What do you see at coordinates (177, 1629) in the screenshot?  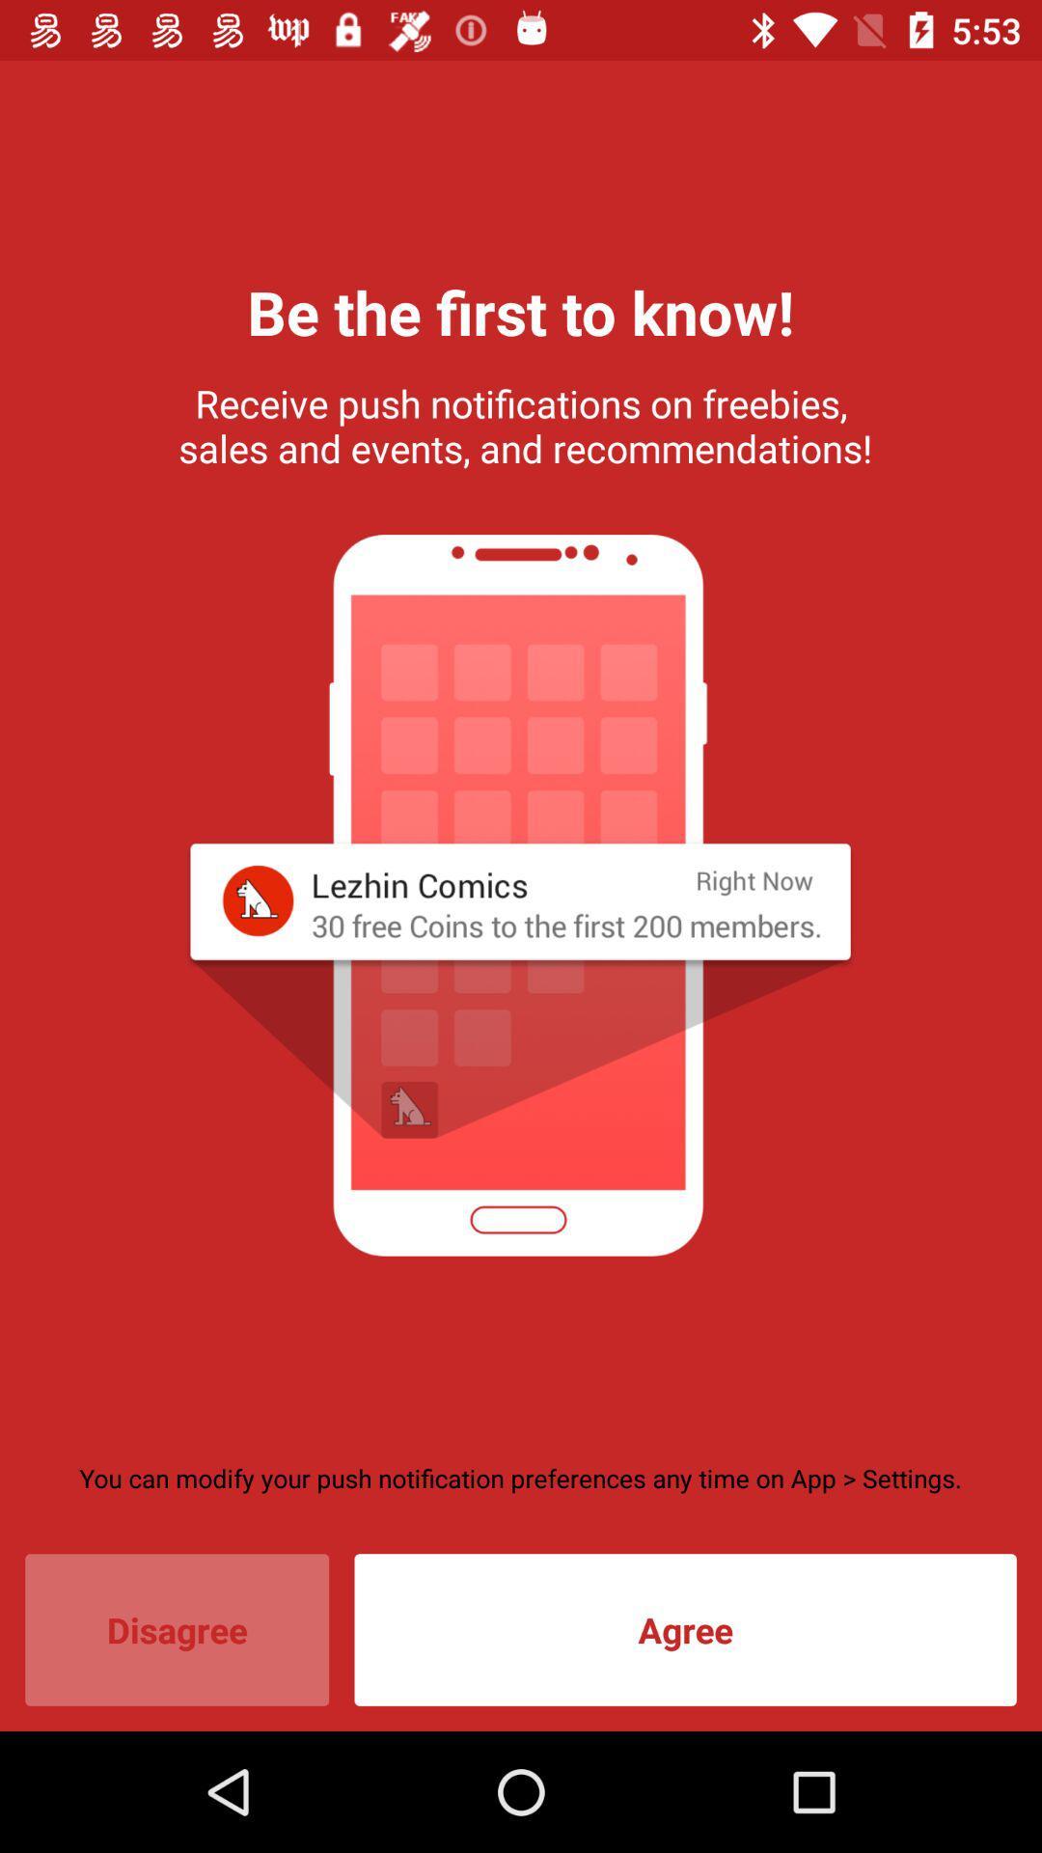 I see `disagree icon` at bounding box center [177, 1629].